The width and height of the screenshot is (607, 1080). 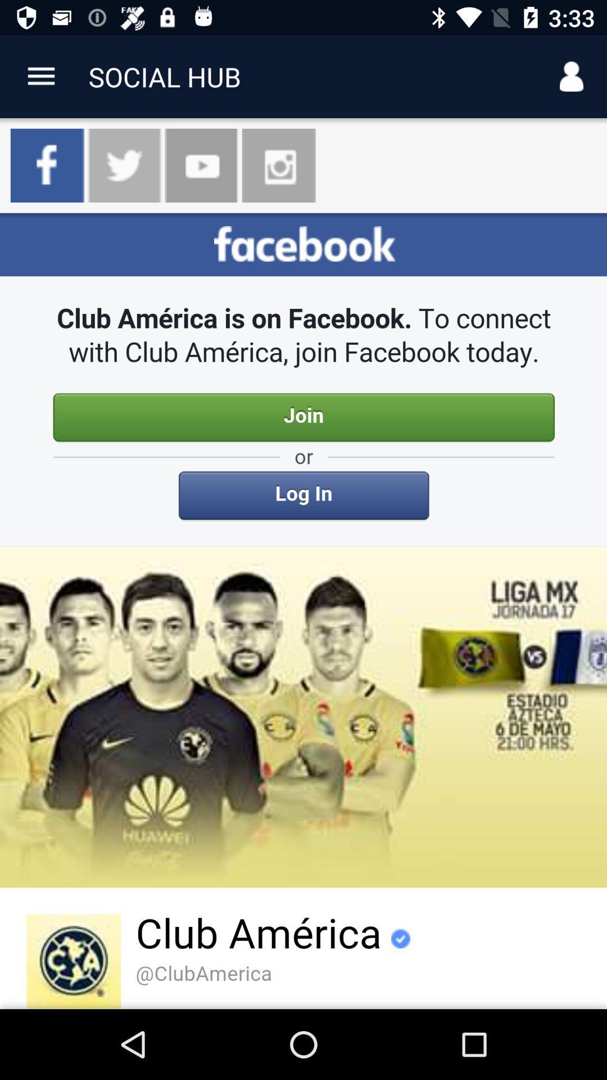 I want to click on menu, so click(x=40, y=76).